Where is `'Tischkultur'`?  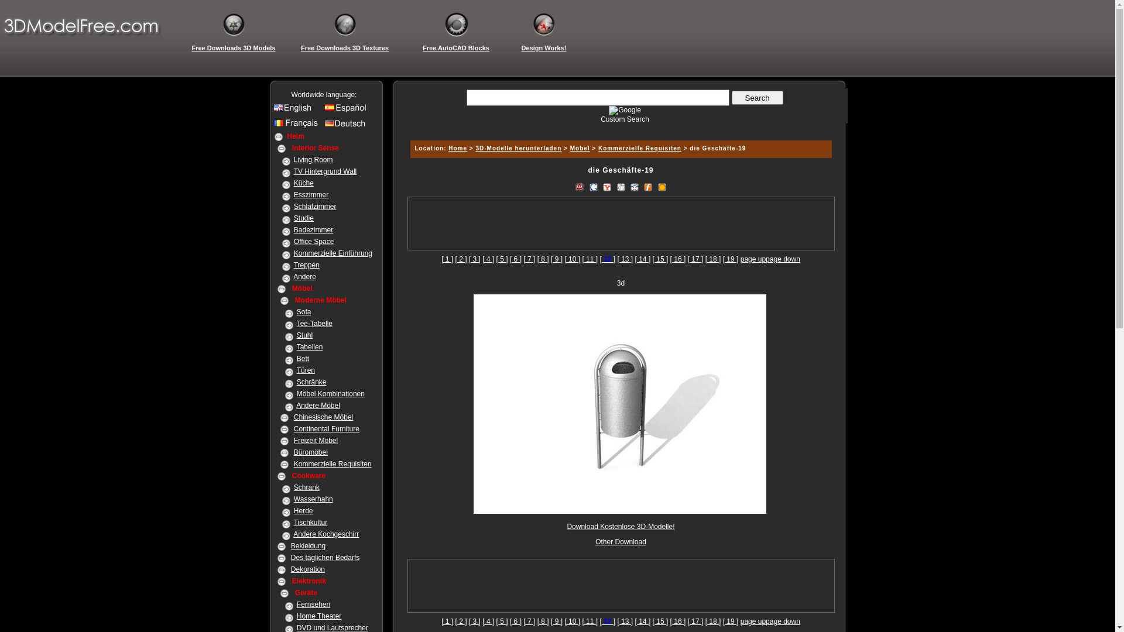
'Tischkultur' is located at coordinates (311, 522).